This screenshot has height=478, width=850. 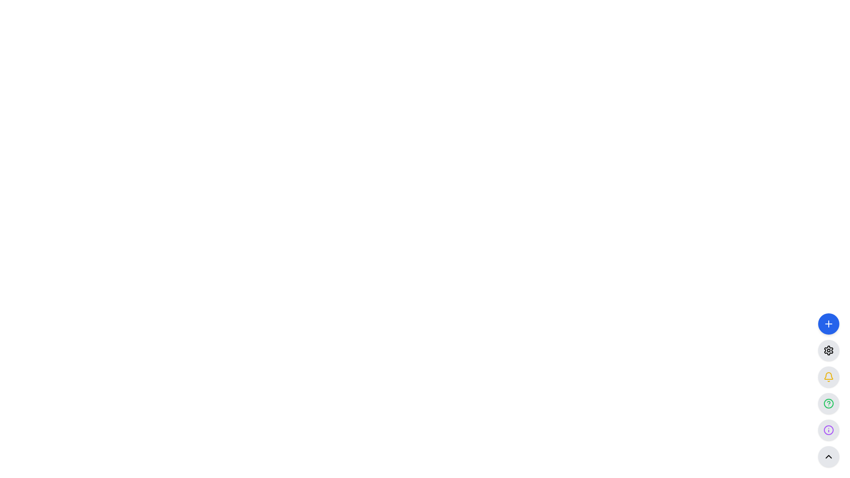 I want to click on the settings button, which is the second button from the top in a vertical stack of circular buttons on the right side of the interface, so click(x=828, y=350).